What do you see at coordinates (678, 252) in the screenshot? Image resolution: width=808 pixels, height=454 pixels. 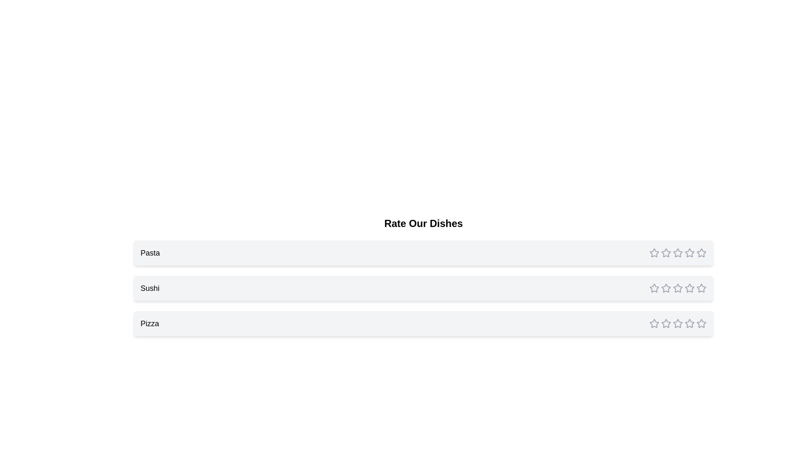 I see `the third interactive star icon with a gray outline` at bounding box center [678, 252].